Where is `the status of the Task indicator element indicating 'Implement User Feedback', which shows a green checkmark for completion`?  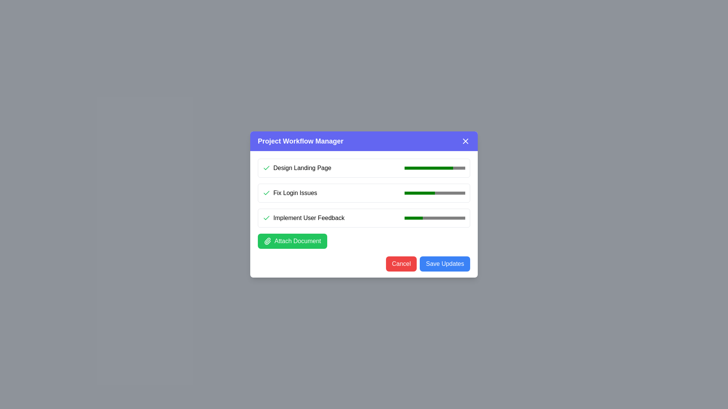 the status of the Task indicator element indicating 'Implement User Feedback', which shows a green checkmark for completion is located at coordinates (303, 218).